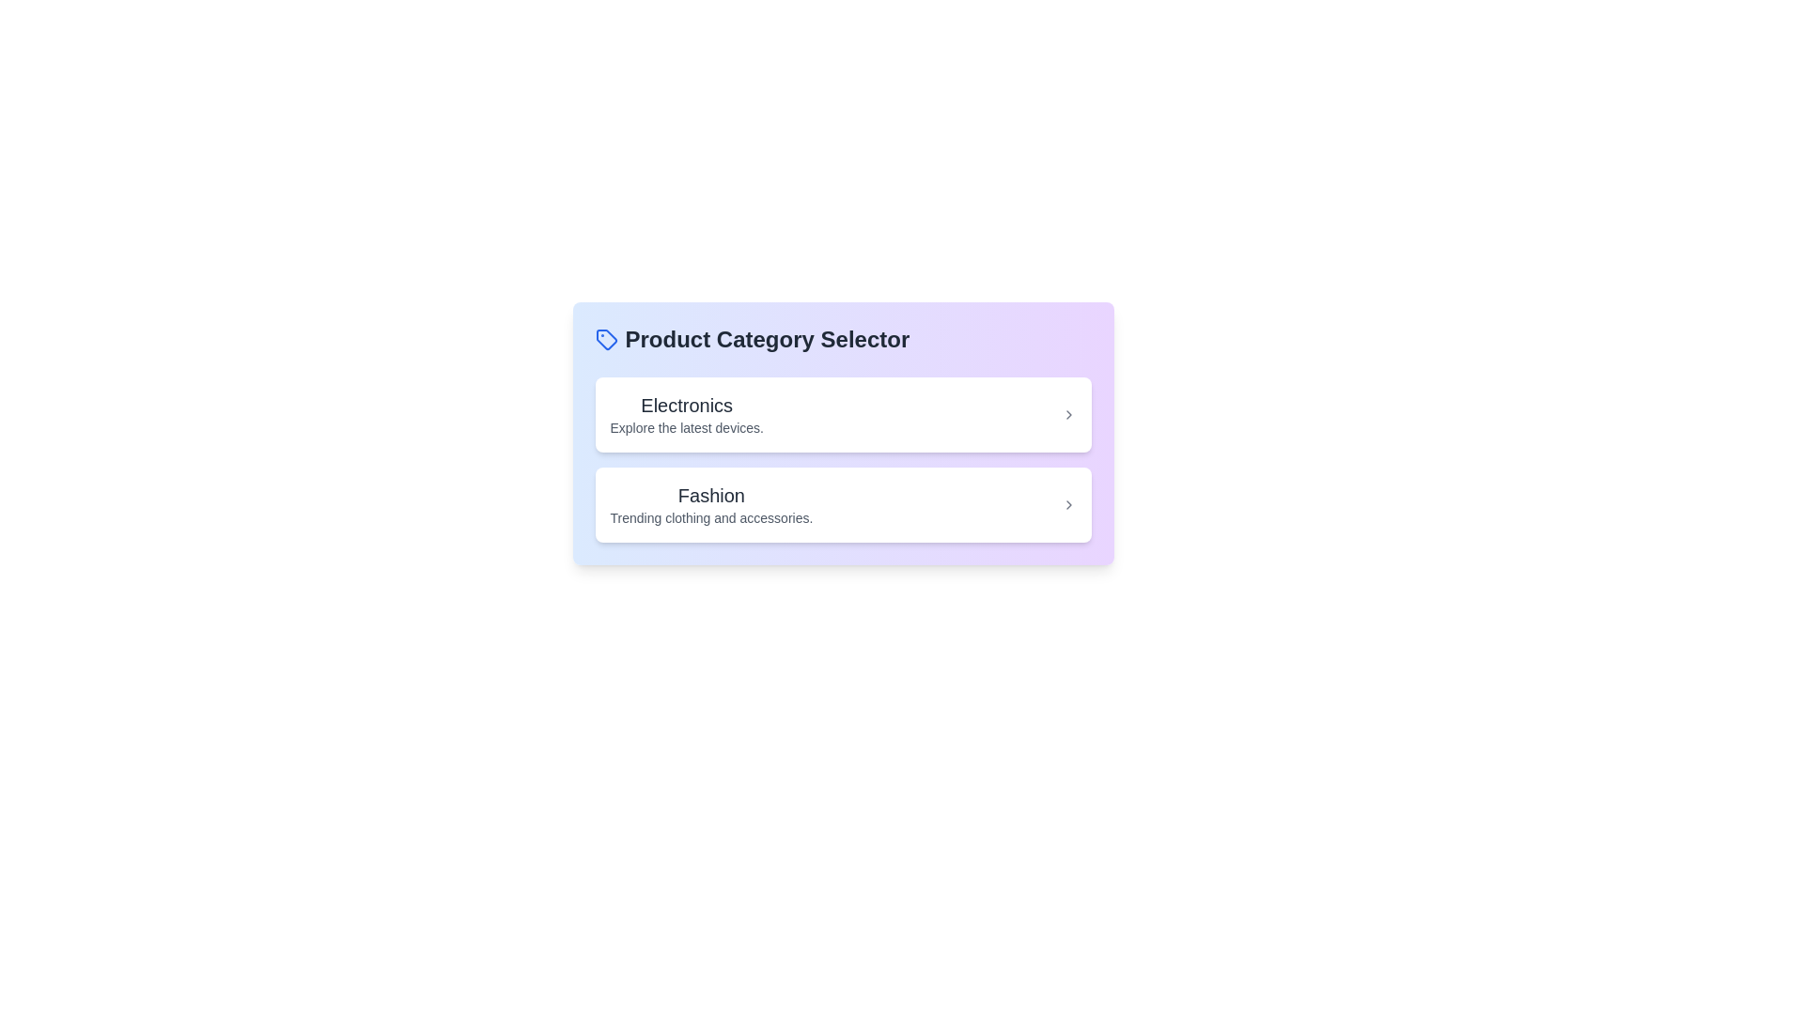 The image size is (1804, 1014). I want to click on the text label reading 'Explore the latest devices.' which is located within the 'Electronics' category card, positioned below the main label 'Electronics', so click(686, 427).